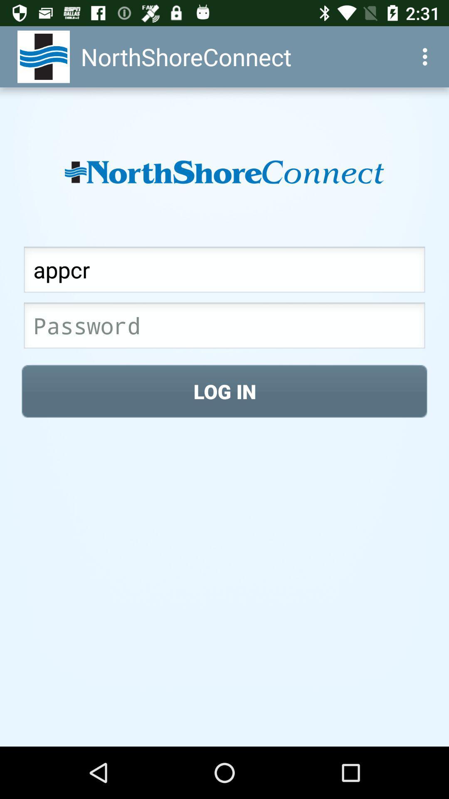  I want to click on log in item, so click(224, 391).